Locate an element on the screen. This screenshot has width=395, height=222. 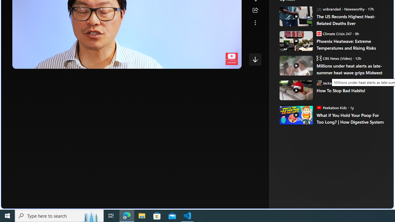
'Channel watermark' is located at coordinates (231, 59).